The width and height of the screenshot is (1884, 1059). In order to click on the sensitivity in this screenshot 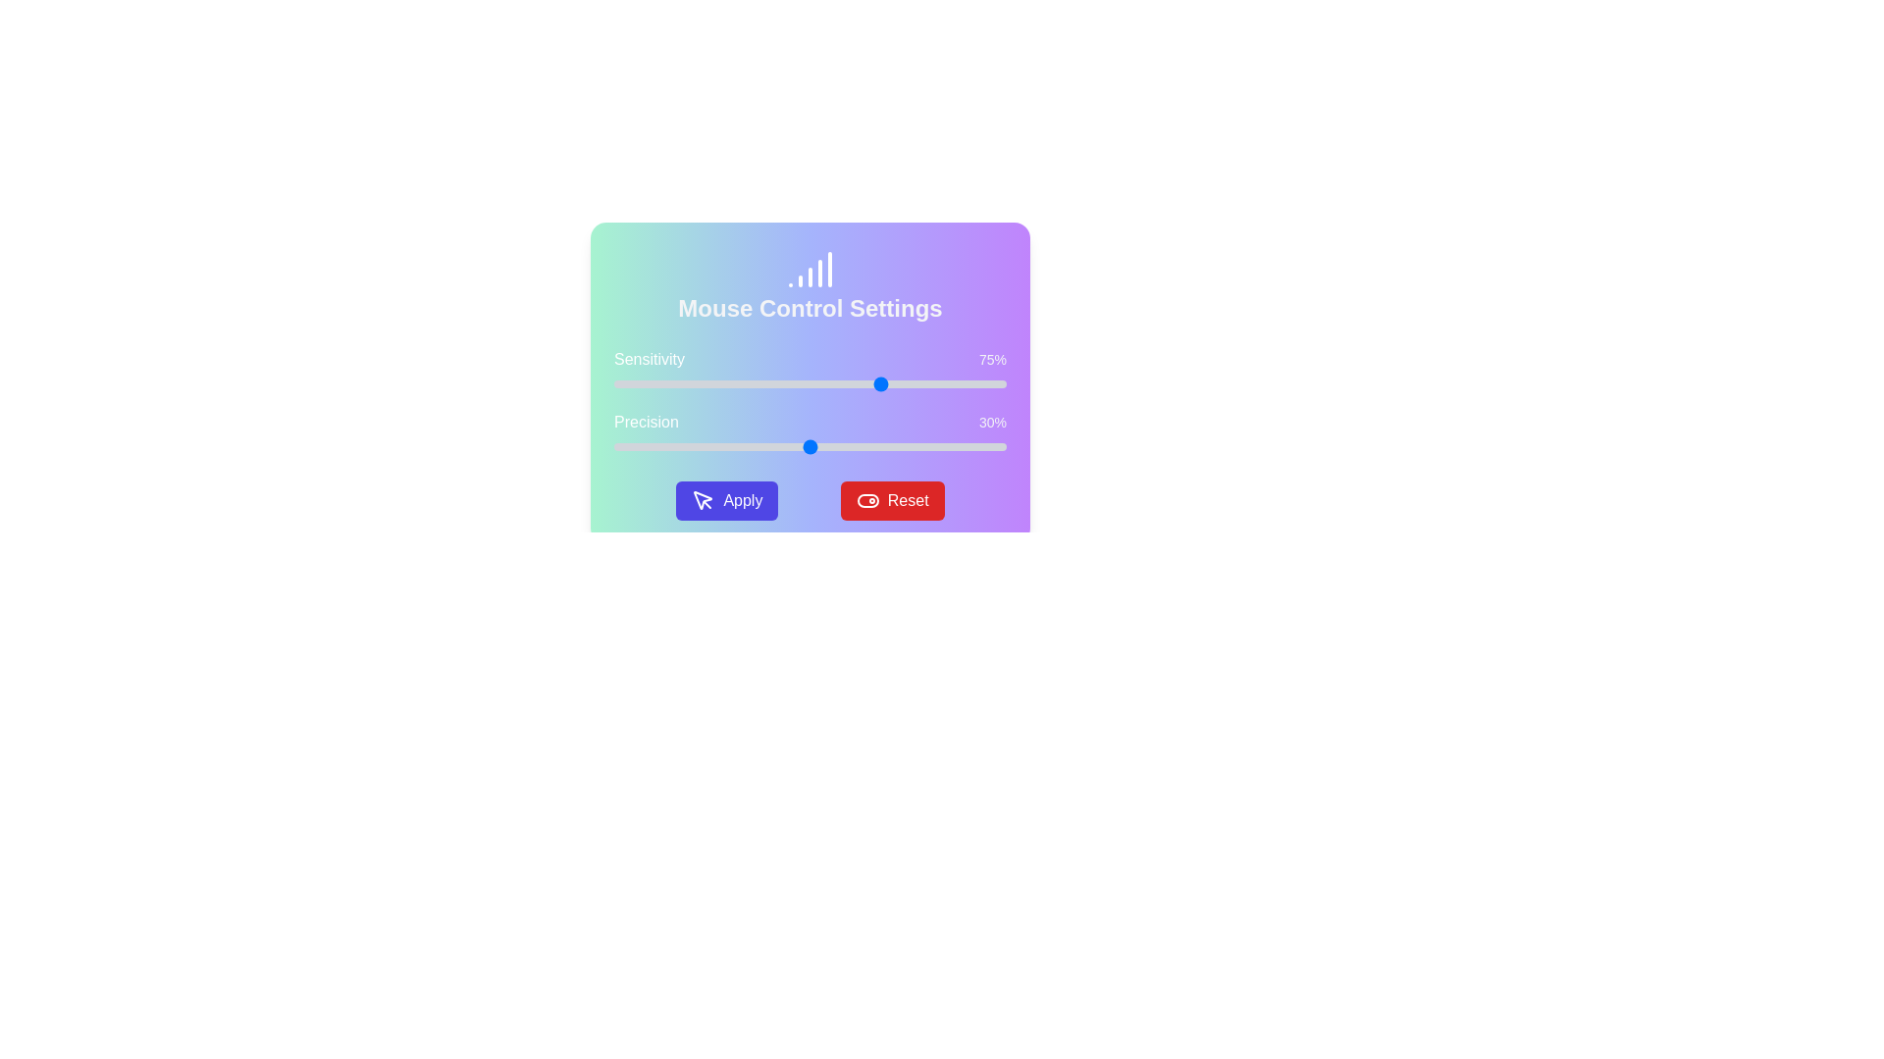, I will do `click(658, 384)`.